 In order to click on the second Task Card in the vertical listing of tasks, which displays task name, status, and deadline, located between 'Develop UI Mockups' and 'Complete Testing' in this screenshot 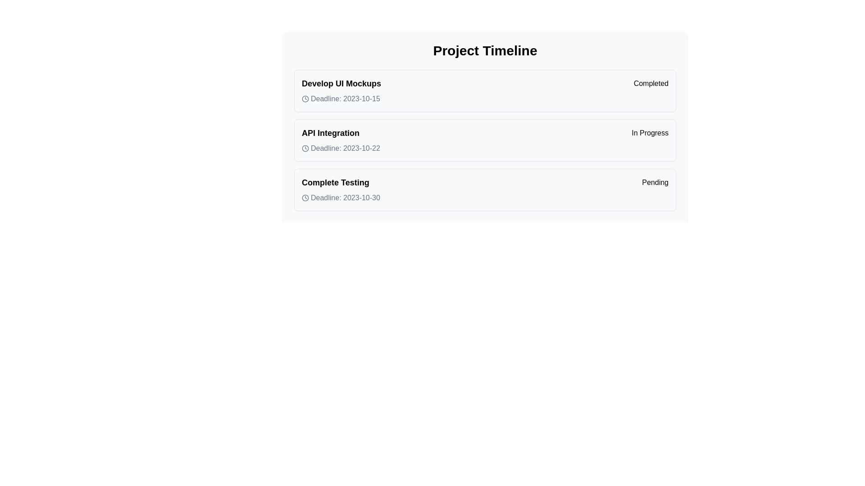, I will do `click(484, 140)`.